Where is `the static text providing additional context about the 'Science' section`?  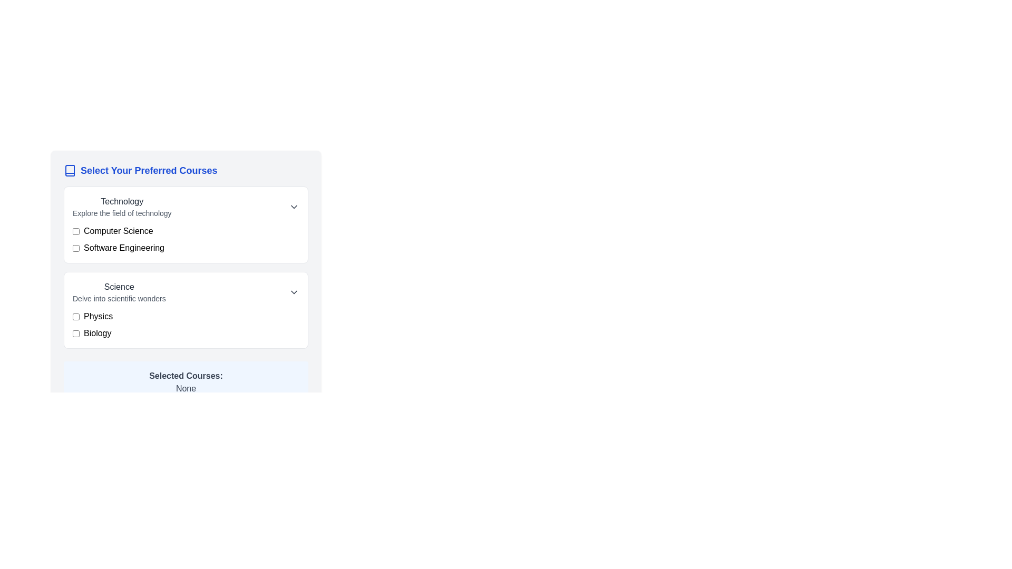
the static text providing additional context about the 'Science' section is located at coordinates (119, 299).